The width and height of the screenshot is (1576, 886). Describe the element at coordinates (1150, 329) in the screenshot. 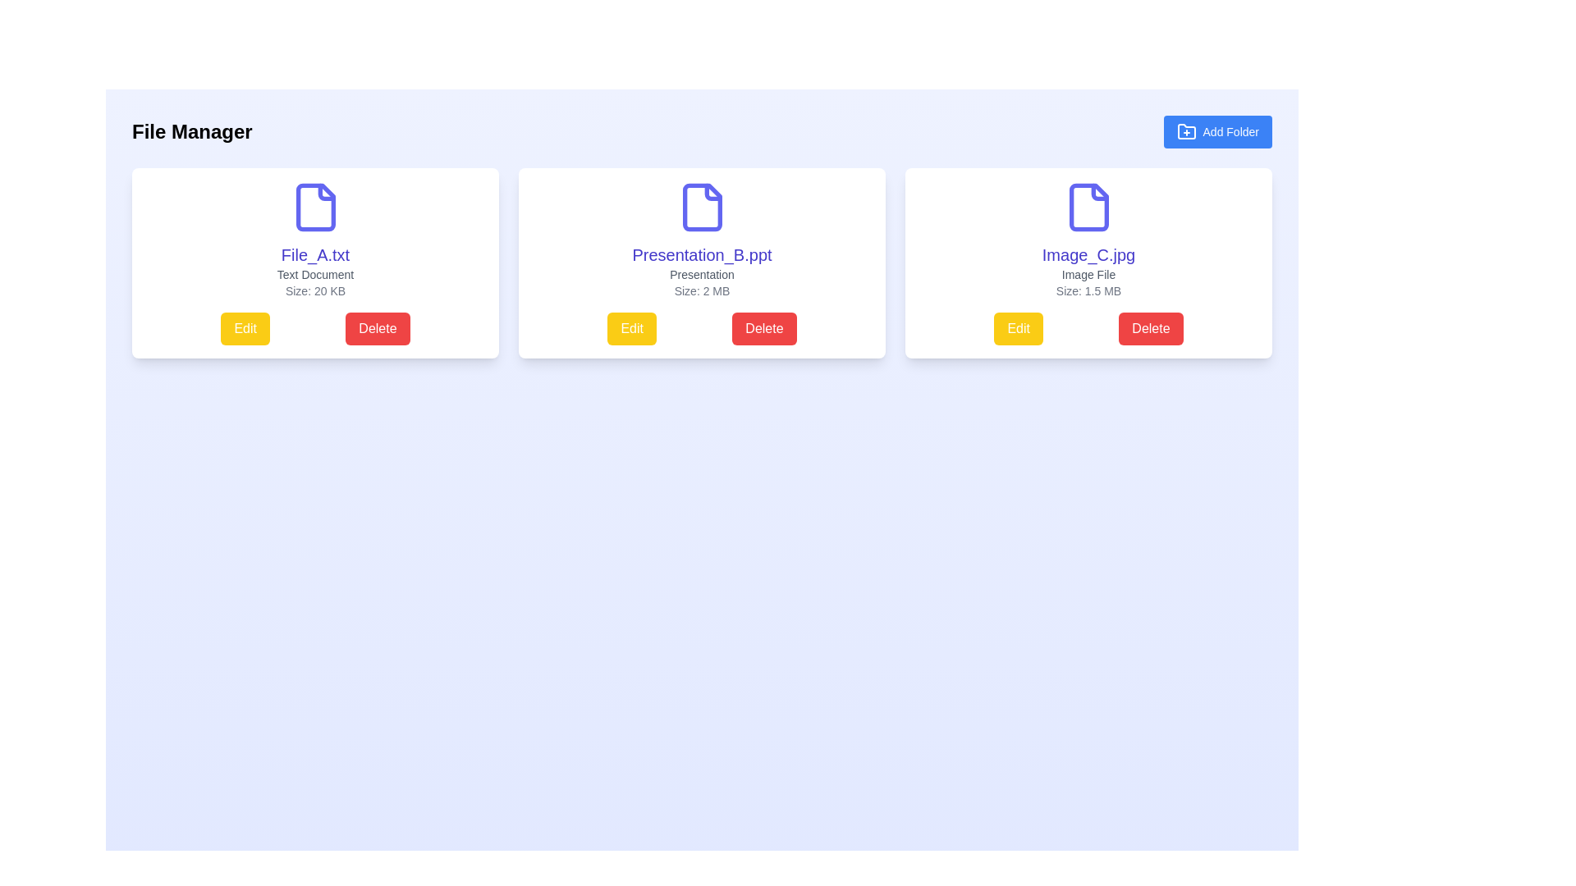

I see `the red 'Delete' button located at the bottom right corner of the 'Image_C.jpg' card to trigger the hover styling` at that location.